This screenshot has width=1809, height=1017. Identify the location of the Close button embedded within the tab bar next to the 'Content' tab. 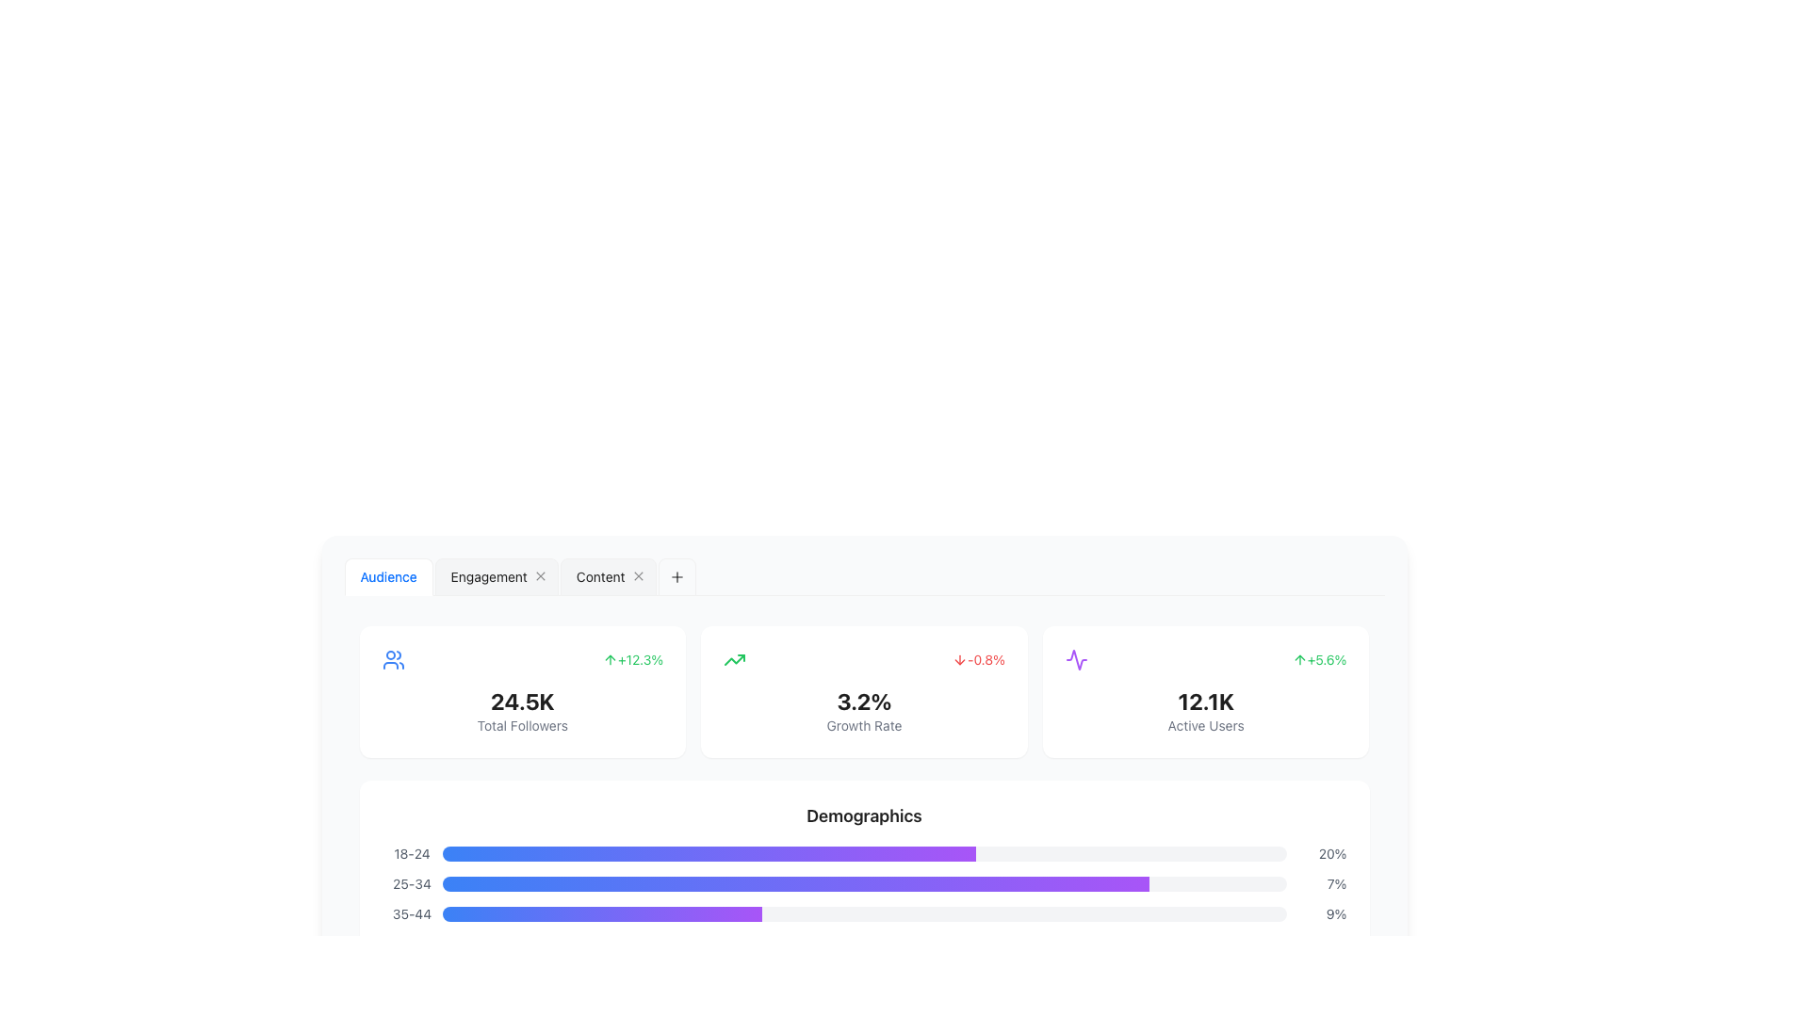
(638, 575).